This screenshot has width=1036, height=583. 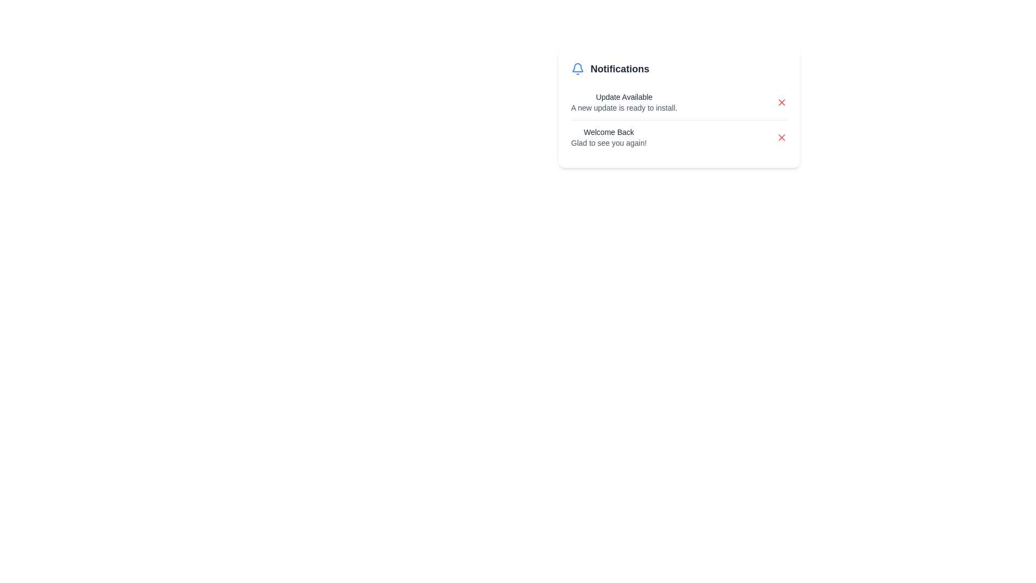 I want to click on the static text label that serves as a title for the notification, indicating the availability of an update, located at the top left of the notification card, so click(x=624, y=97).